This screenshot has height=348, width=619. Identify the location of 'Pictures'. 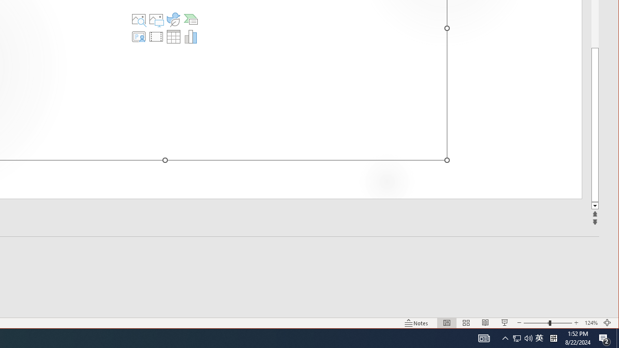
(156, 19).